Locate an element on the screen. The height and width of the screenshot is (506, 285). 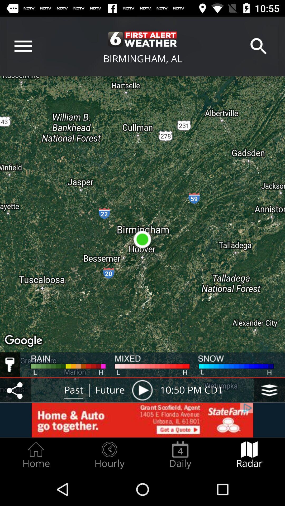
the share icon is located at coordinates (15, 390).